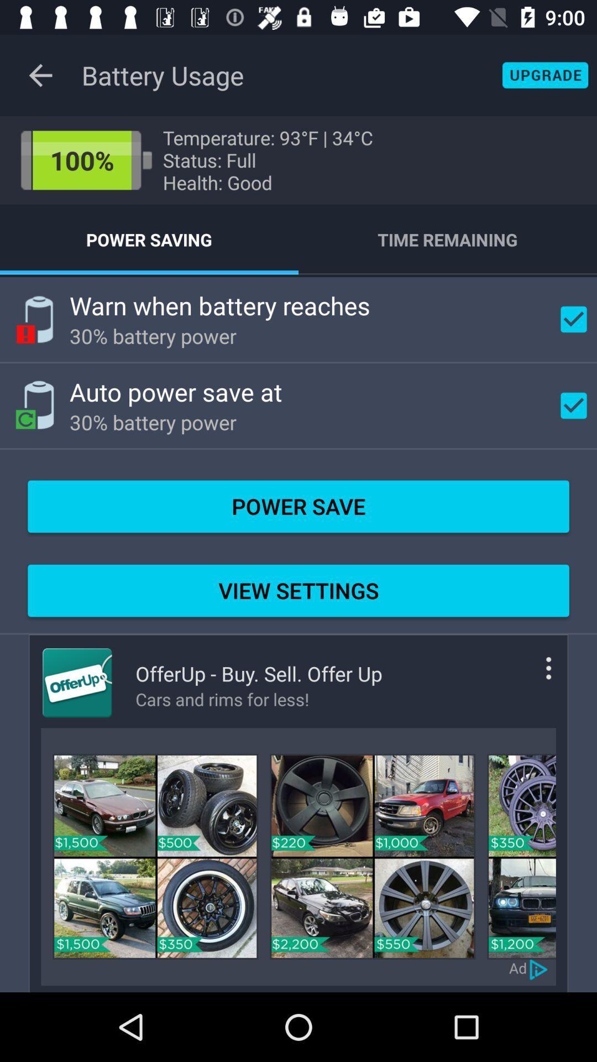 This screenshot has width=597, height=1062. I want to click on icon next to battery usage item, so click(40, 75).